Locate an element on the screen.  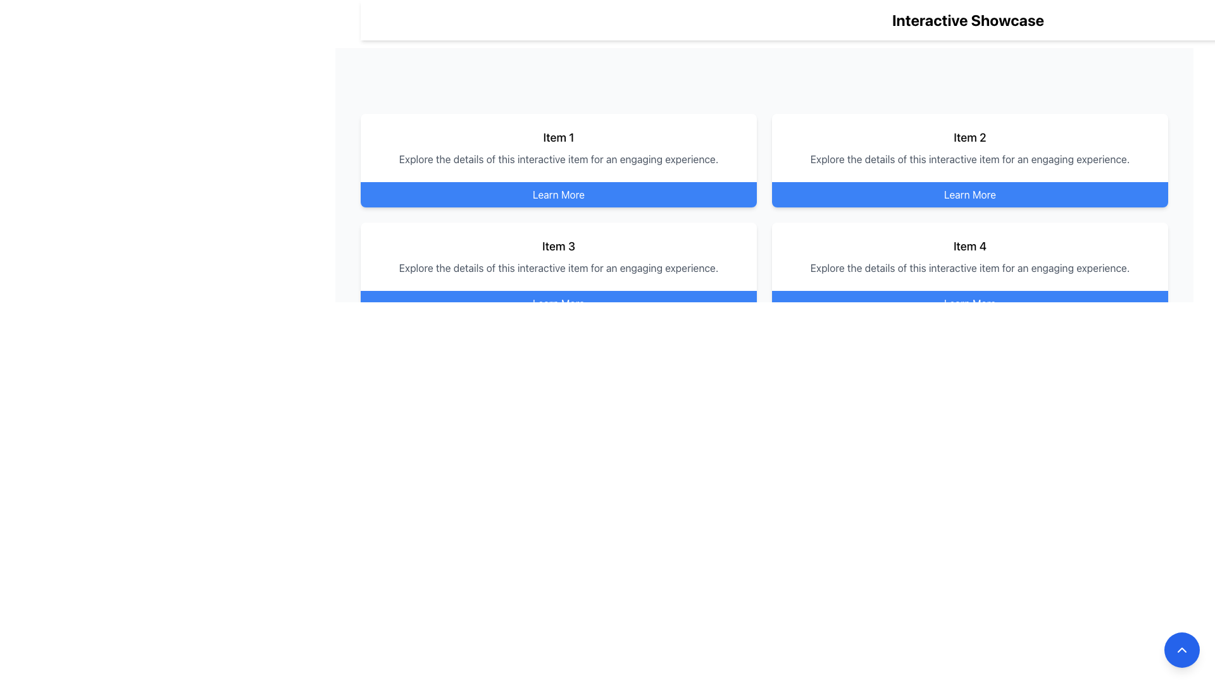
the text label that identifies the content of the third card in the interface, which is positioned horizontally centered above the descriptive text within its card is located at coordinates (558, 246).